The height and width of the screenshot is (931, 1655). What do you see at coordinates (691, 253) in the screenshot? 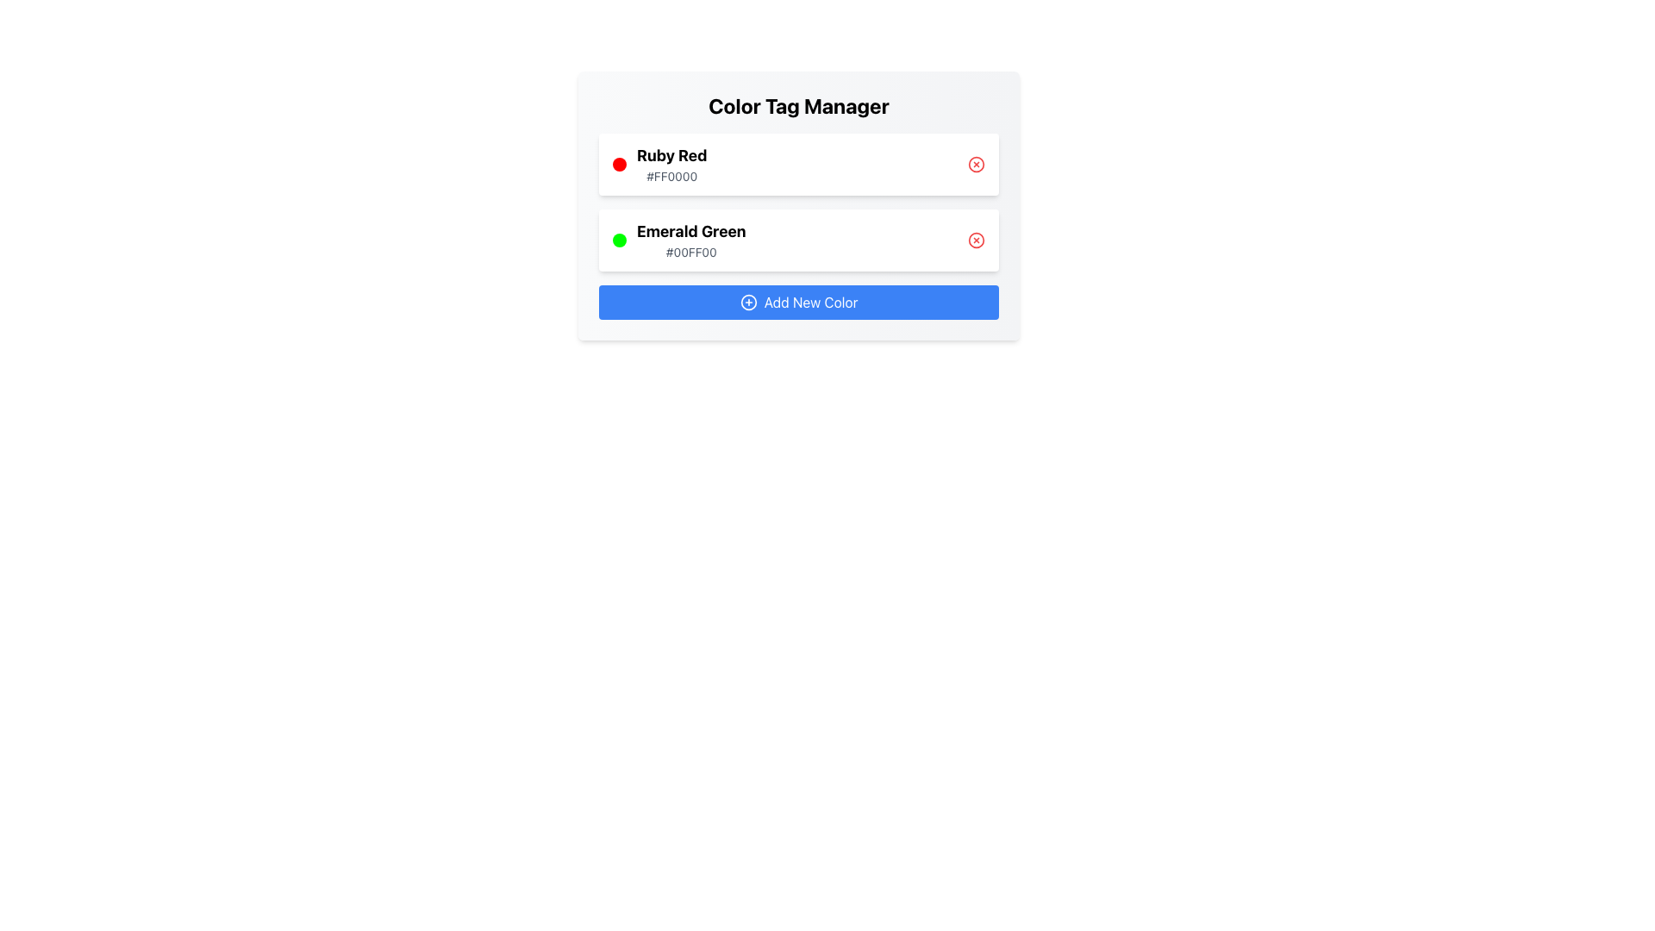
I see `the text label displaying the hexadecimal representation of the color associated with 'Emerald Green', which is positioned directly below the 'Emerald Green' label` at bounding box center [691, 253].